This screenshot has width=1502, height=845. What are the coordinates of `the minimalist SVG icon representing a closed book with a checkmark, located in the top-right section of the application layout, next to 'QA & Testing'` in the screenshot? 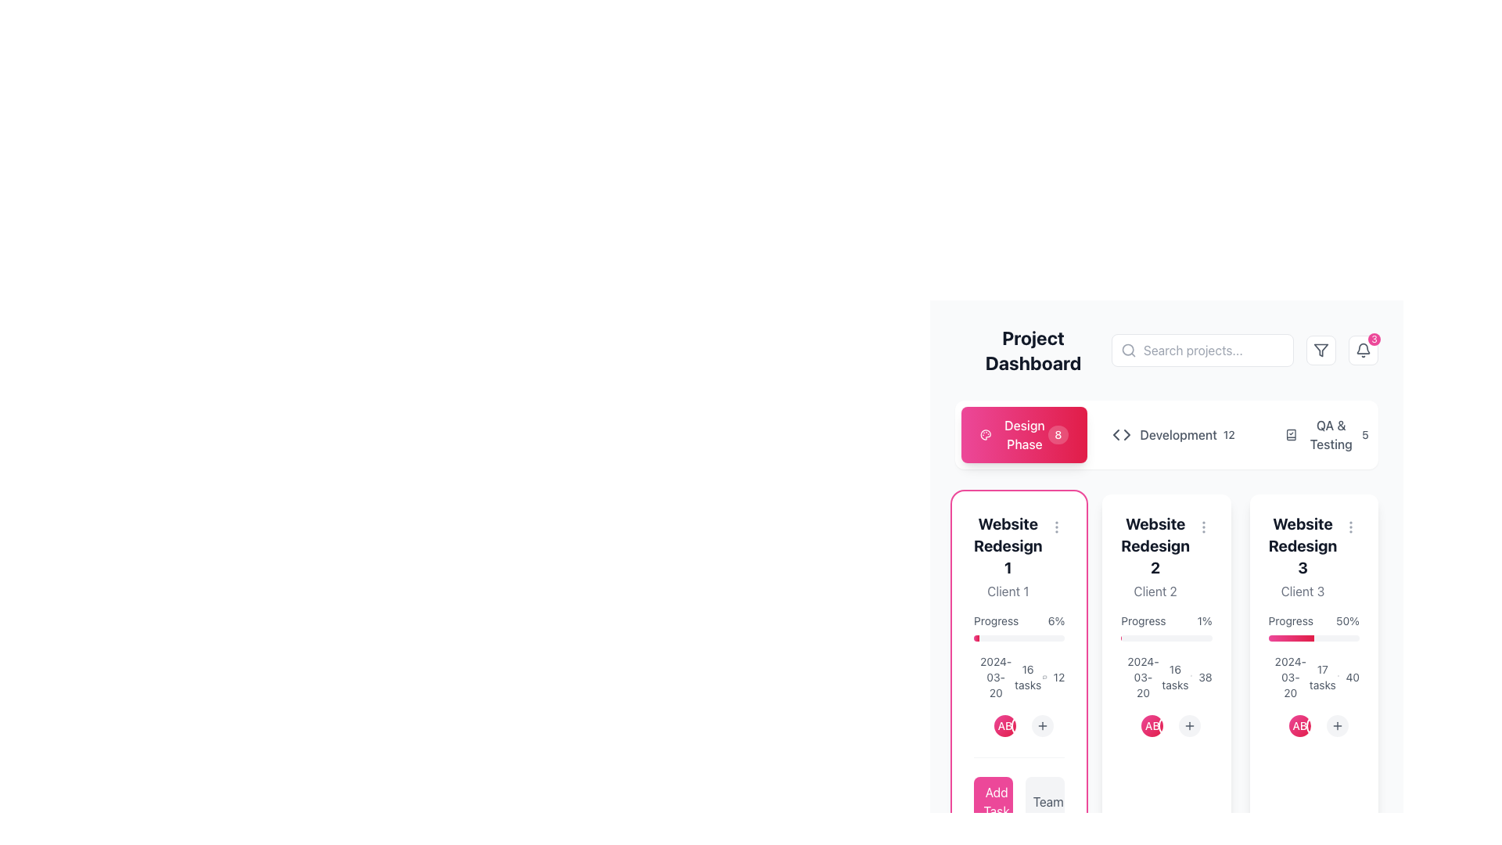 It's located at (1291, 434).